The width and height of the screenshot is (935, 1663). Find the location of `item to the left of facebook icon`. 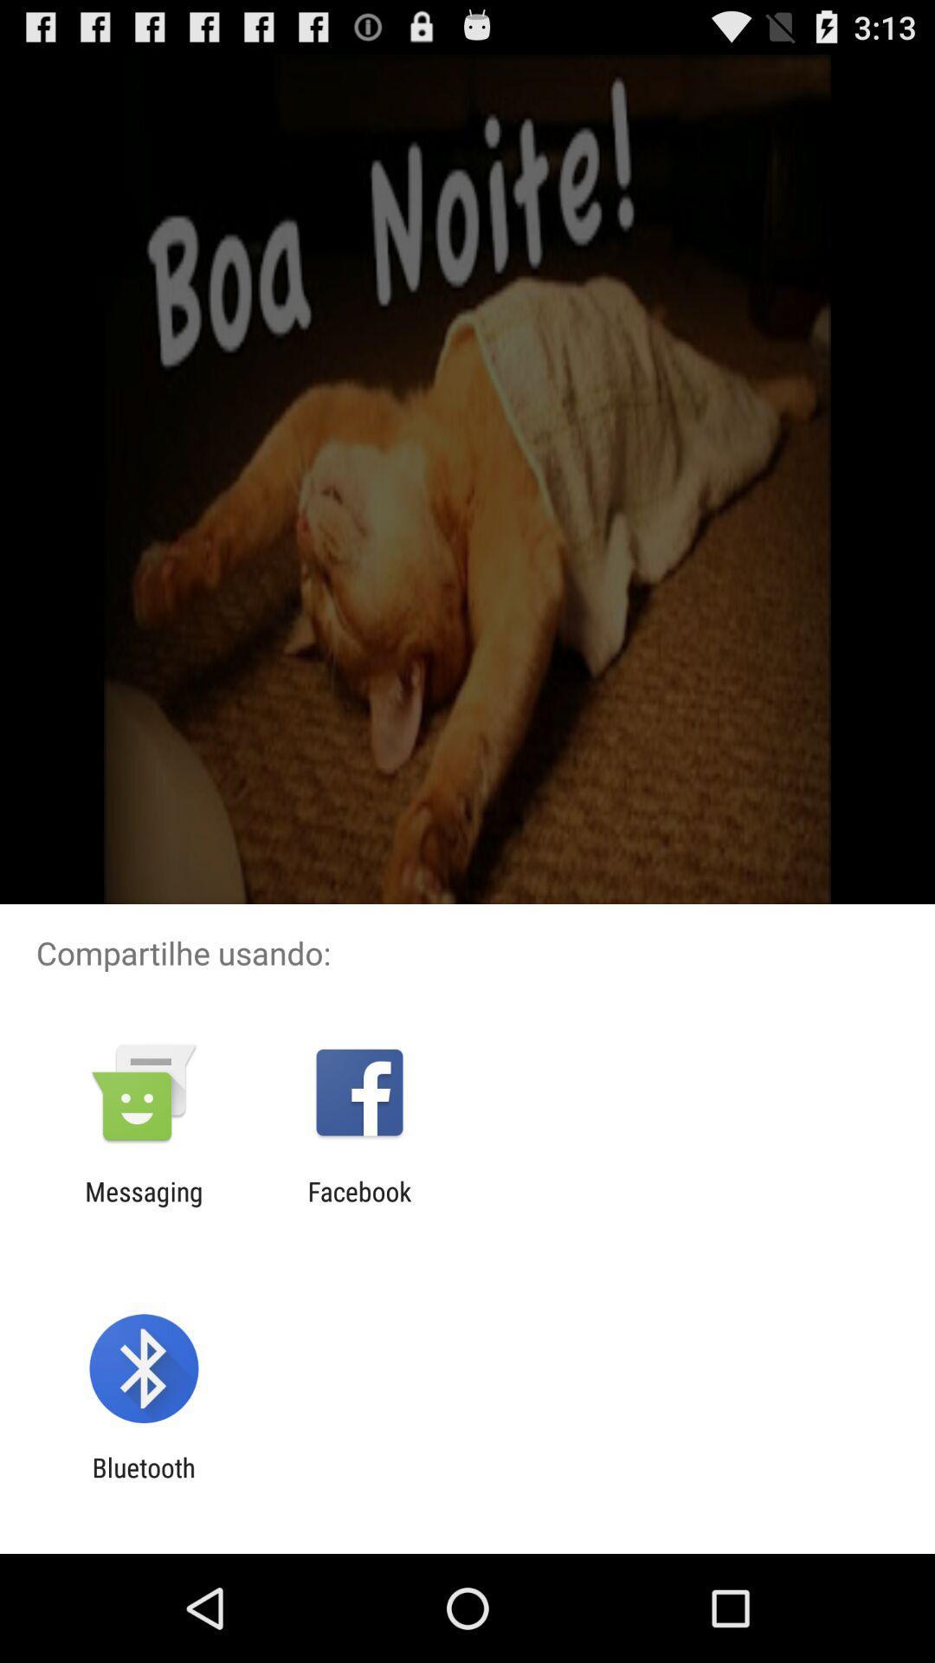

item to the left of facebook icon is located at coordinates (143, 1206).